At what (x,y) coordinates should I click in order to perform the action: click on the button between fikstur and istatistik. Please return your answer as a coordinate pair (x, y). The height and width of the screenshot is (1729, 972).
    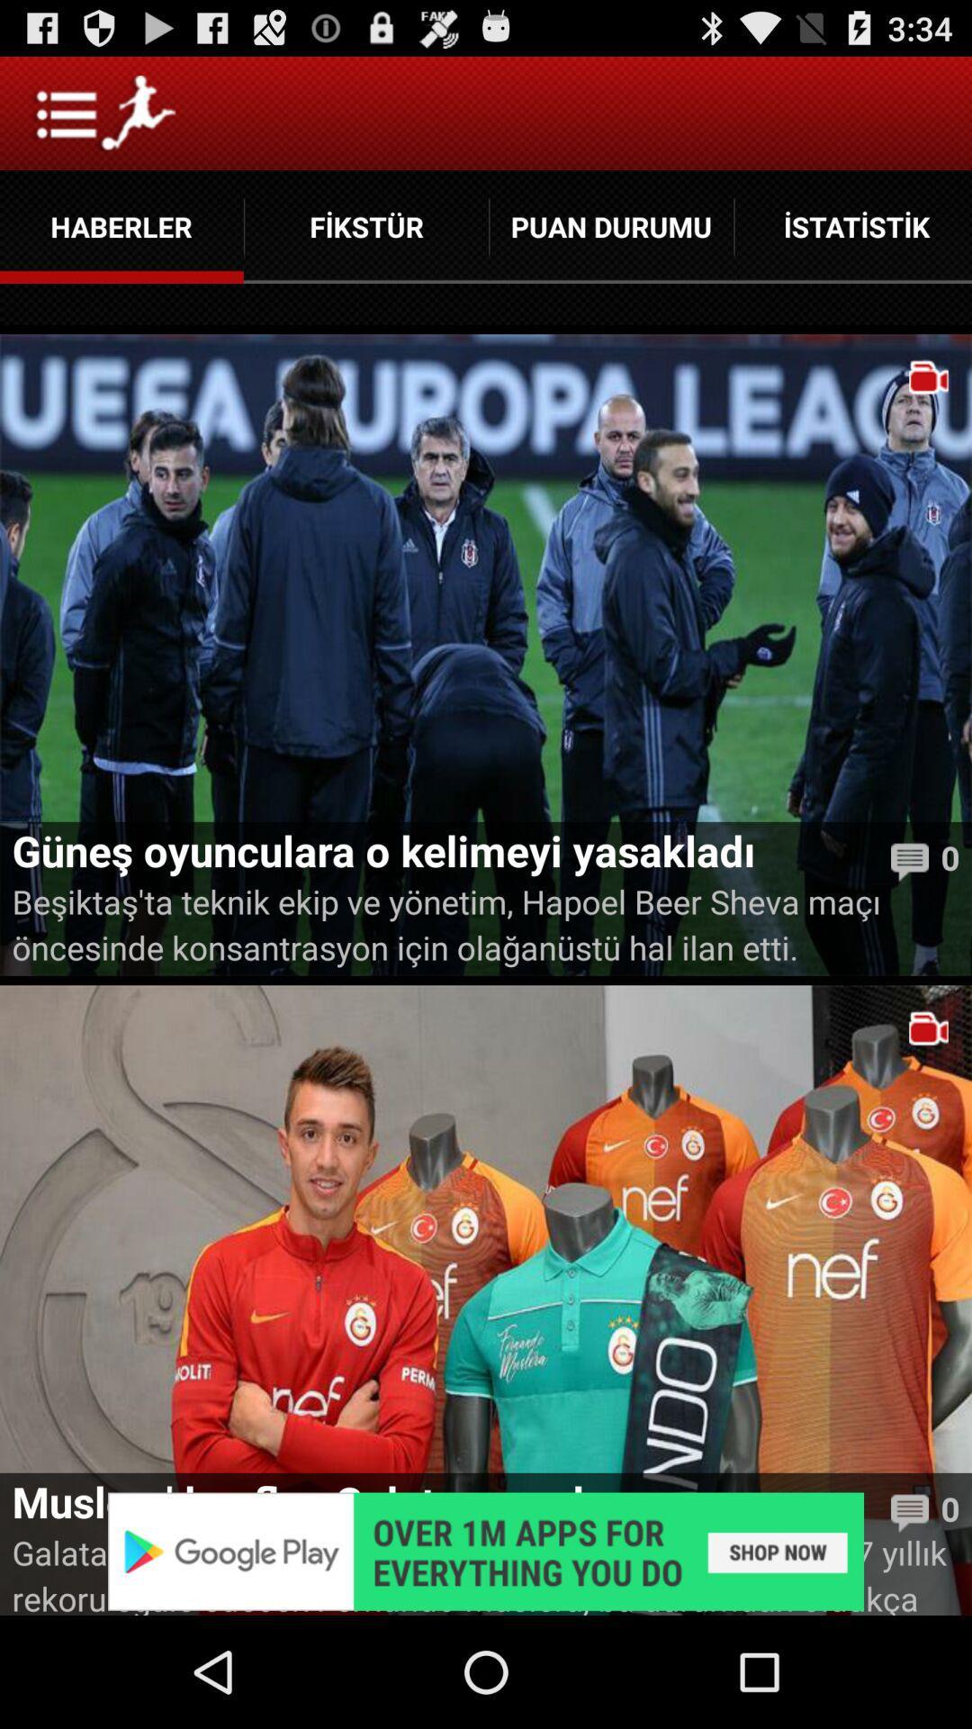
    Looking at the image, I should click on (610, 226).